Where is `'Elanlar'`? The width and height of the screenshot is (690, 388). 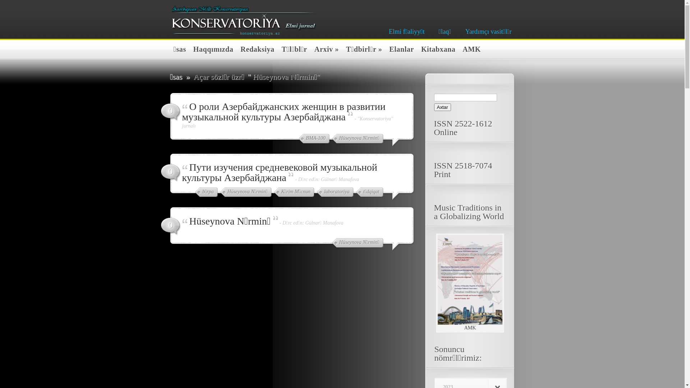
'Elanlar' is located at coordinates (399, 50).